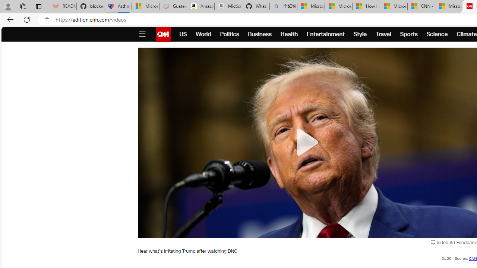  Describe the element at coordinates (117, 6) in the screenshot. I see `'Asthma Inhalers: Names and Types'` at that location.